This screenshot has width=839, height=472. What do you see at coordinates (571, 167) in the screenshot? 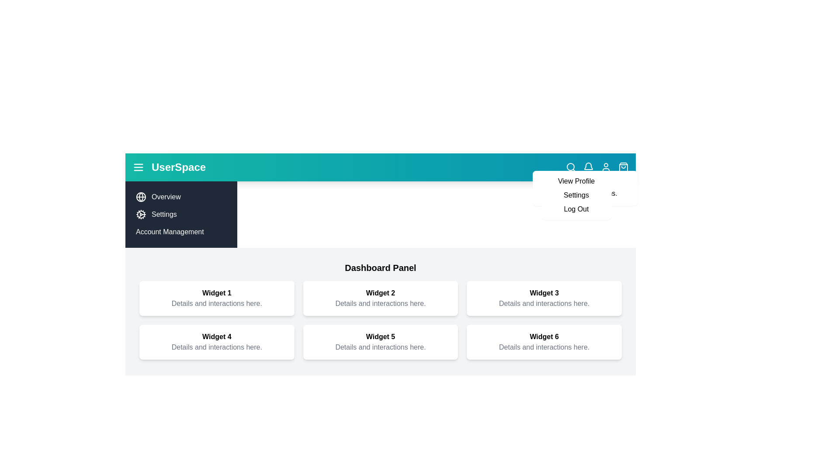
I see `the visual search icon located at the top-right corner of the teal header bar` at bounding box center [571, 167].